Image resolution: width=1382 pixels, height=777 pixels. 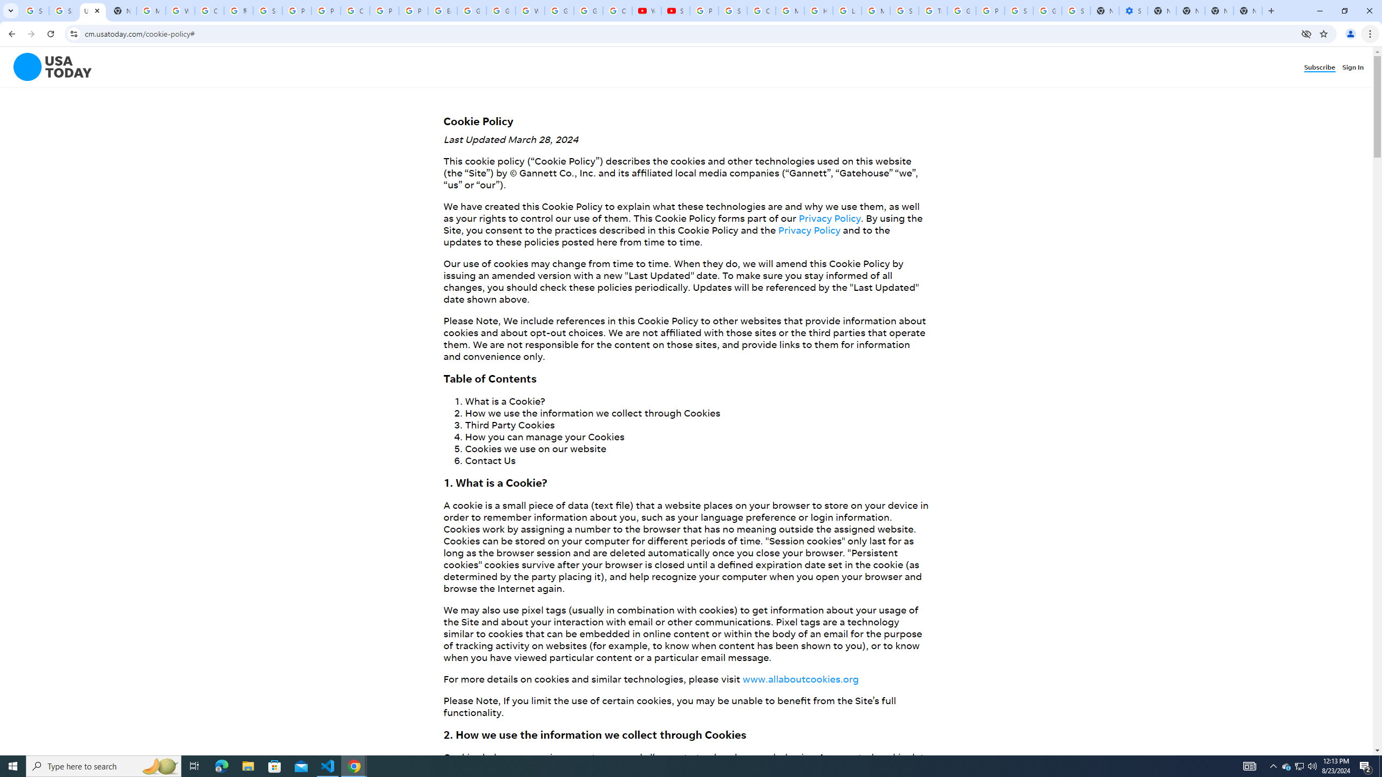 I want to click on 'YouTube', so click(x=647, y=10).